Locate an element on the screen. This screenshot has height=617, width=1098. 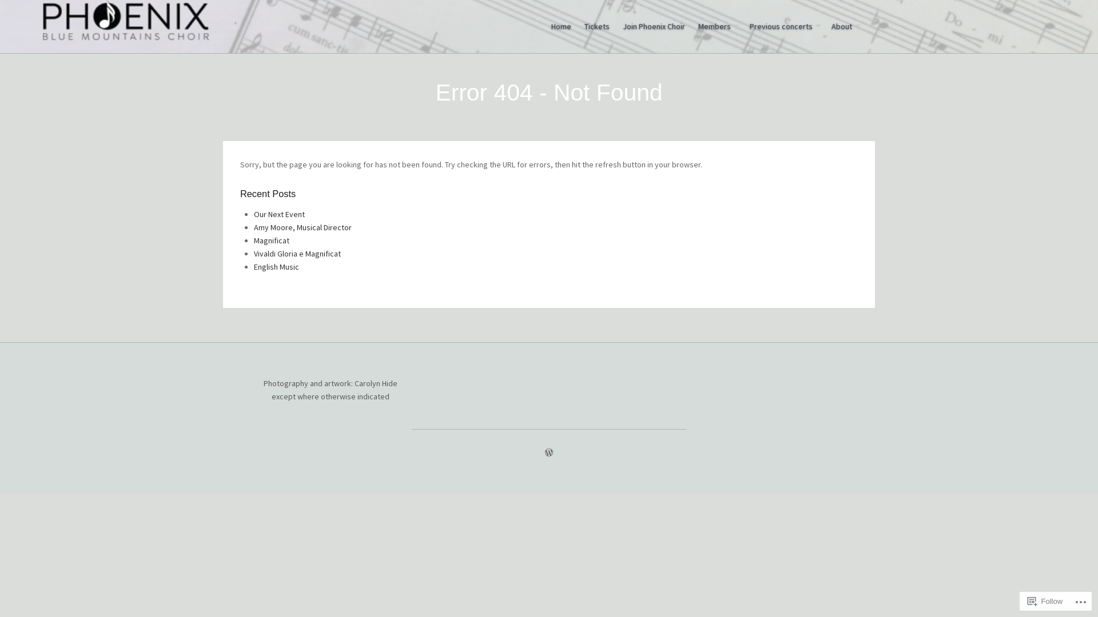
'Vivaldi Gloria e Magnificat' is located at coordinates (297, 253).